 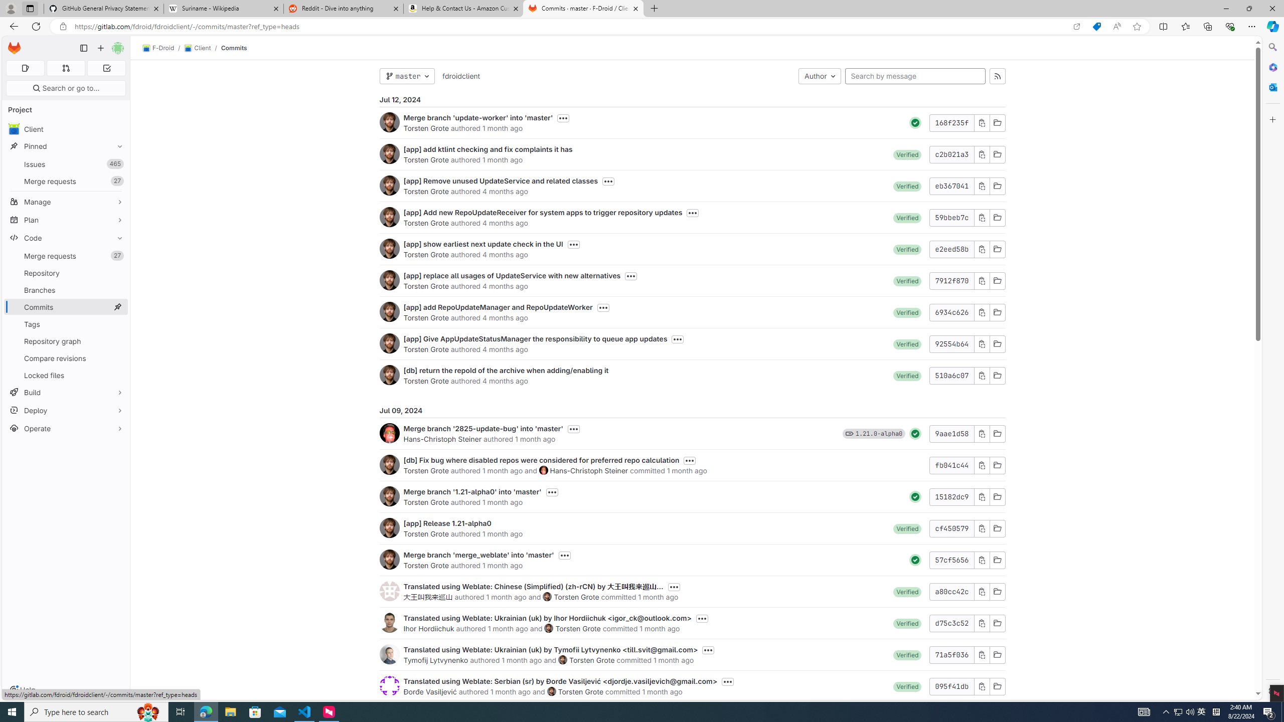 What do you see at coordinates (65, 410) in the screenshot?
I see `'Deploy'` at bounding box center [65, 410].